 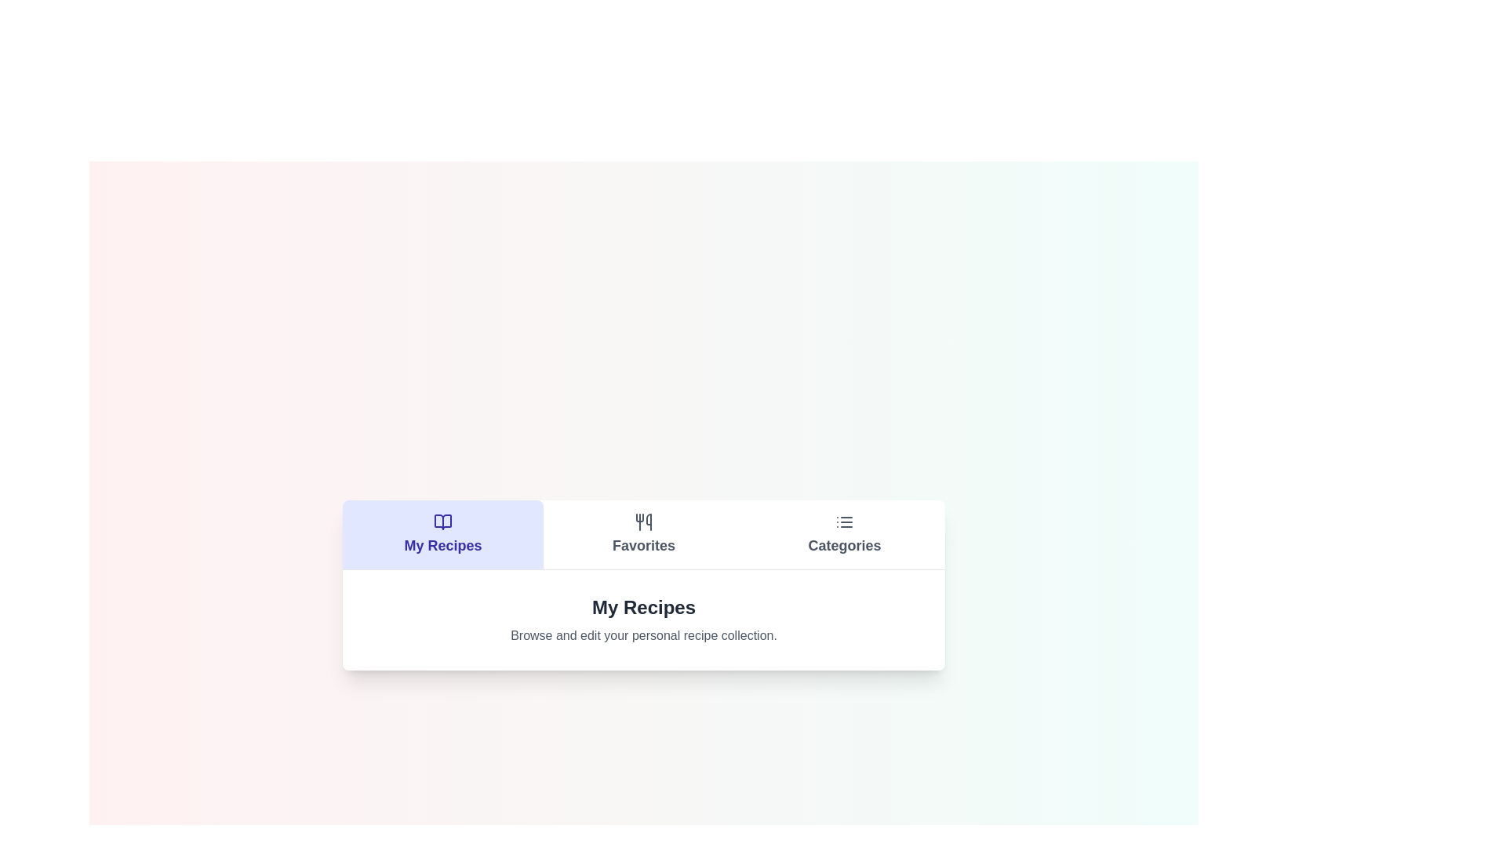 What do you see at coordinates (843, 533) in the screenshot?
I see `the Categories tab` at bounding box center [843, 533].